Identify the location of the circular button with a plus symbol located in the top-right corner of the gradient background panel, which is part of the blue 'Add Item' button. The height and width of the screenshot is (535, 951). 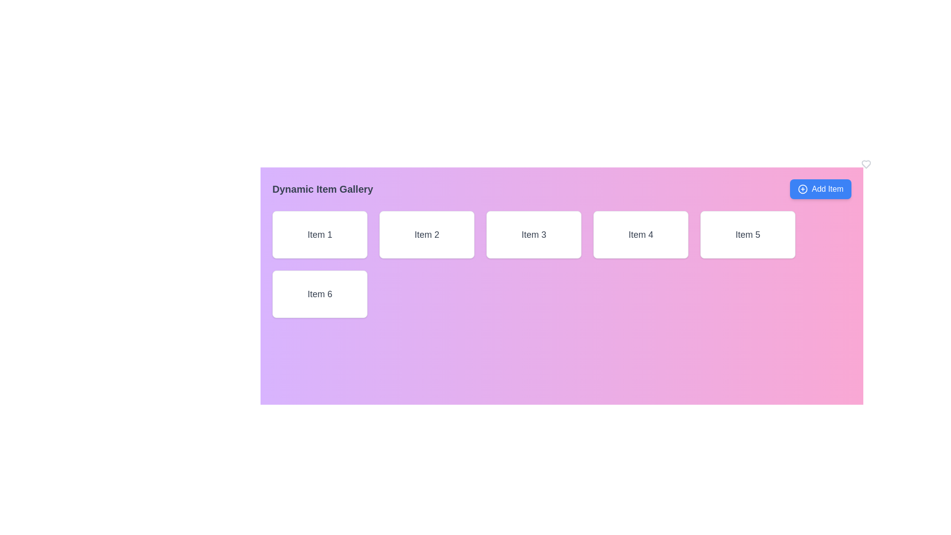
(803, 189).